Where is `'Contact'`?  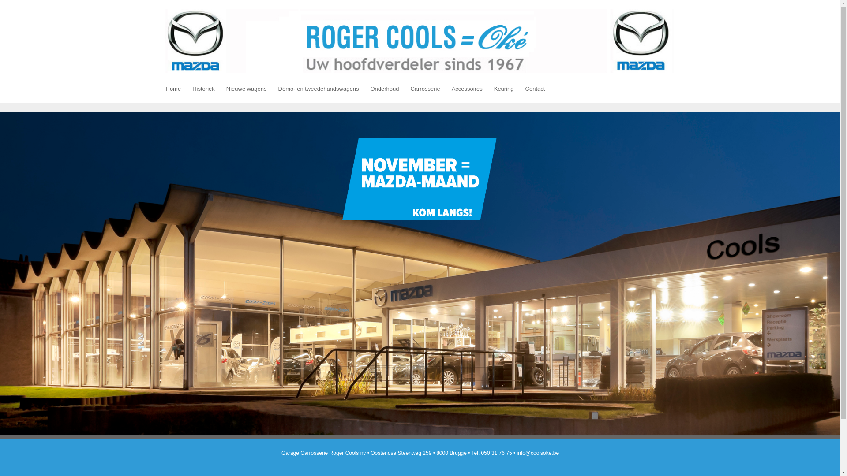 'Contact' is located at coordinates (535, 89).